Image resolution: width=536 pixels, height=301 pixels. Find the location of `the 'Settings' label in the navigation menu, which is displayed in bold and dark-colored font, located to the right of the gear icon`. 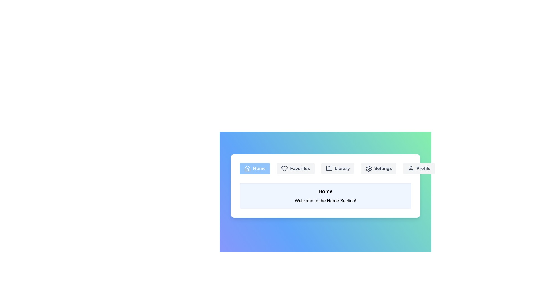

the 'Settings' label in the navigation menu, which is displayed in bold and dark-colored font, located to the right of the gear icon is located at coordinates (383, 168).